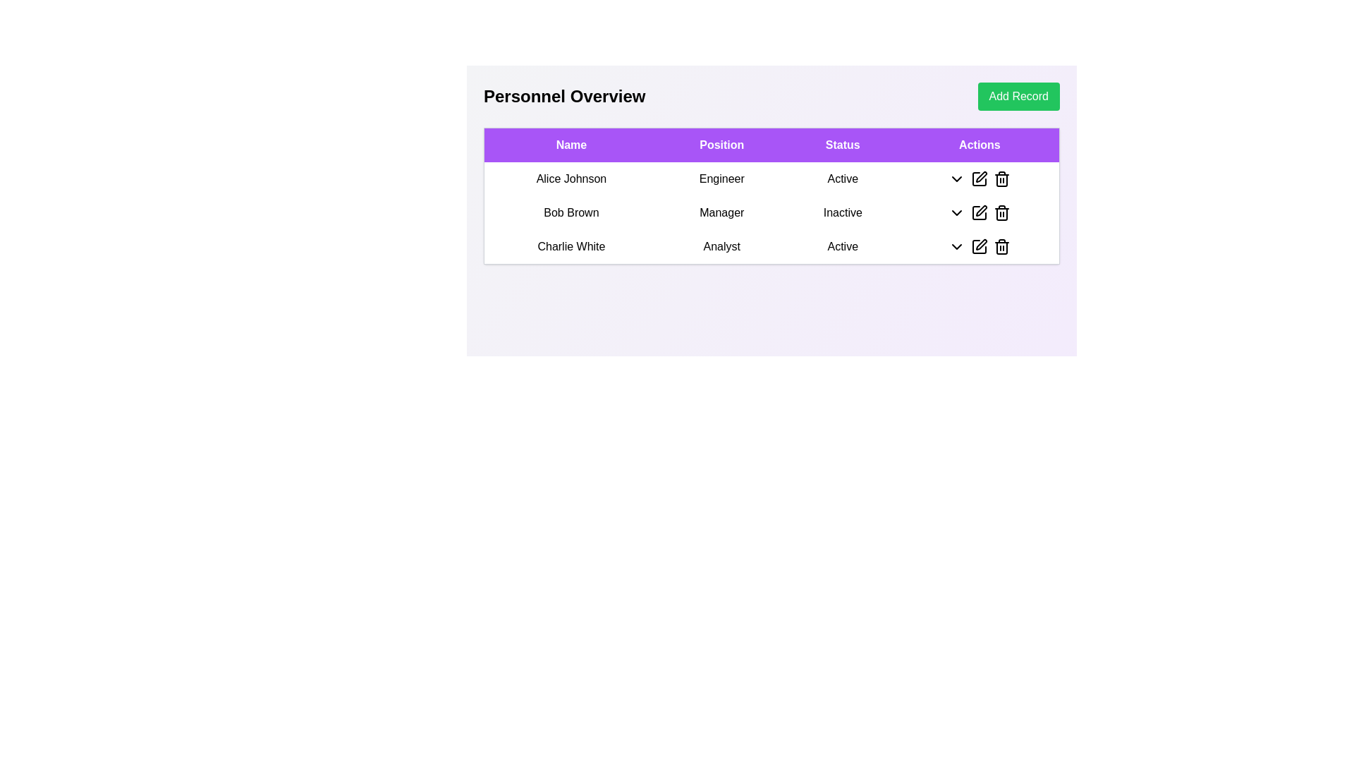 The image size is (1354, 762). I want to click on the 'Edit' action icon within the 'Actions' column for 'Bob Brown', so click(979, 212).